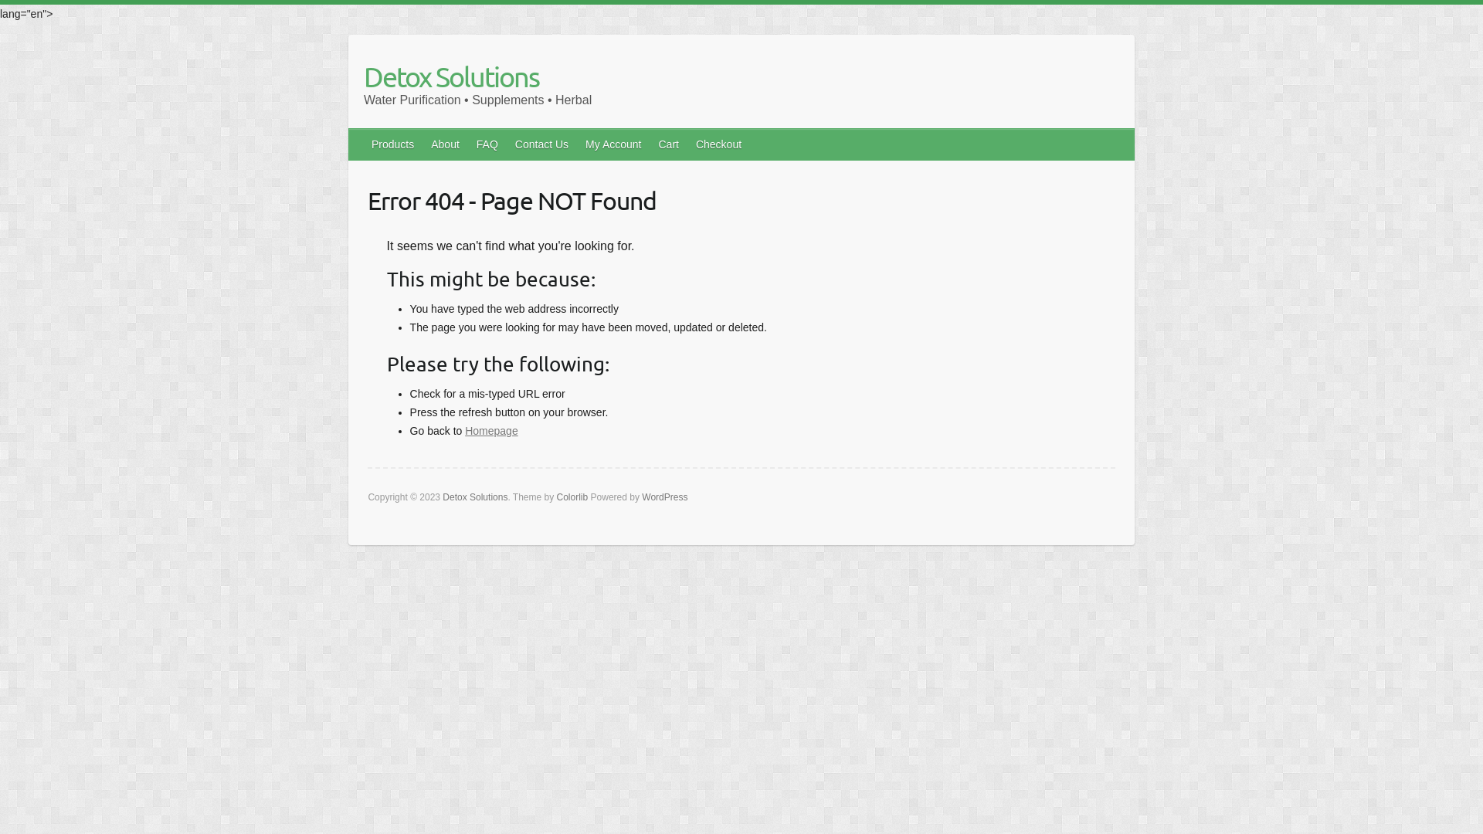 Image resolution: width=1483 pixels, height=834 pixels. What do you see at coordinates (577, 144) in the screenshot?
I see `'My Account'` at bounding box center [577, 144].